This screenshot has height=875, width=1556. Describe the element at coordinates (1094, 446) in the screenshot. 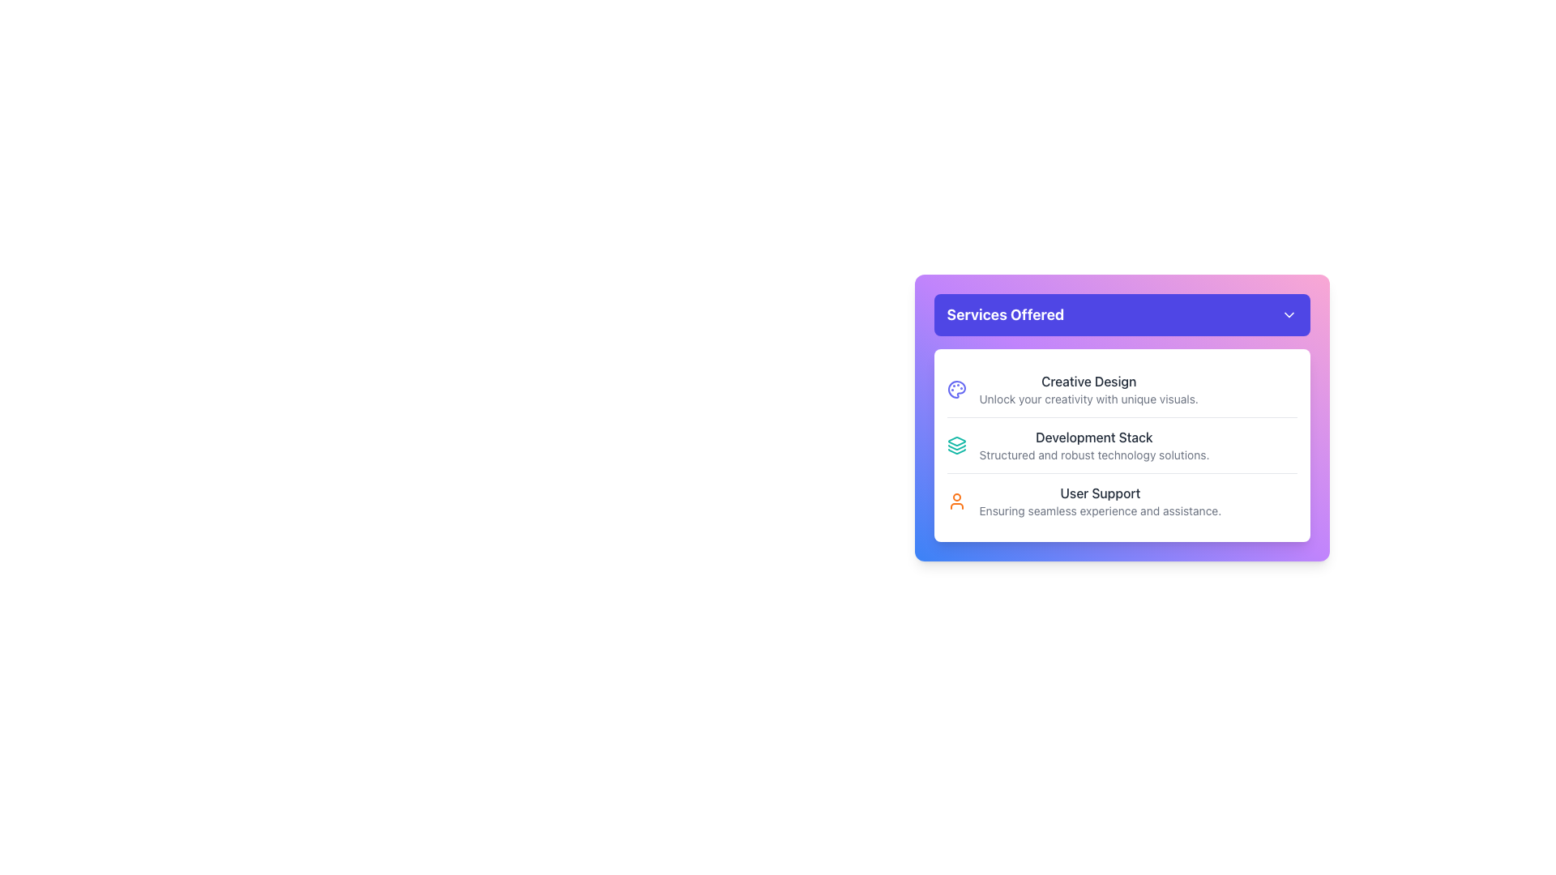

I see `information text from the 'Development Stack' text block, which is the second item under the 'Services Offered' section` at that location.